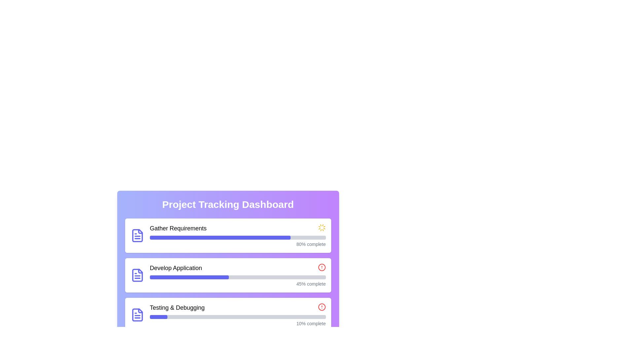  What do you see at coordinates (238, 317) in the screenshot?
I see `the progress bar indicating 10% completion for the 'Testing & Debugging' task` at bounding box center [238, 317].